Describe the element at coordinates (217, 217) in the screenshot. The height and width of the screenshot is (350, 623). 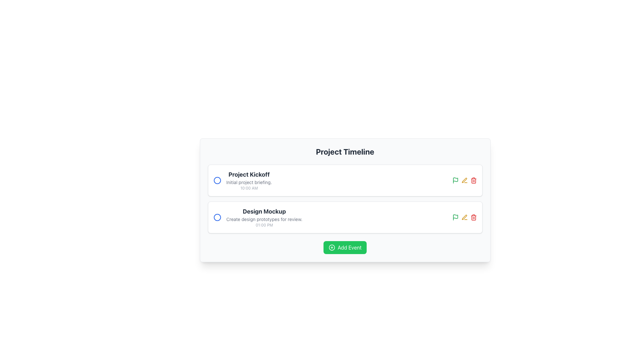
I see `the circular indicator toggle in the second row of the 'Design Mockup' list` at that location.